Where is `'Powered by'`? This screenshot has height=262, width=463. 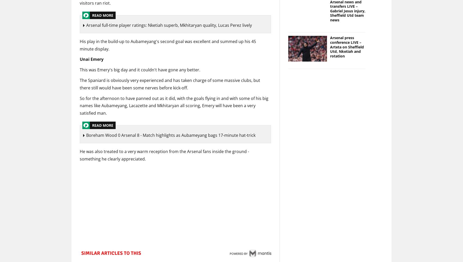
'Powered by' is located at coordinates (238, 254).